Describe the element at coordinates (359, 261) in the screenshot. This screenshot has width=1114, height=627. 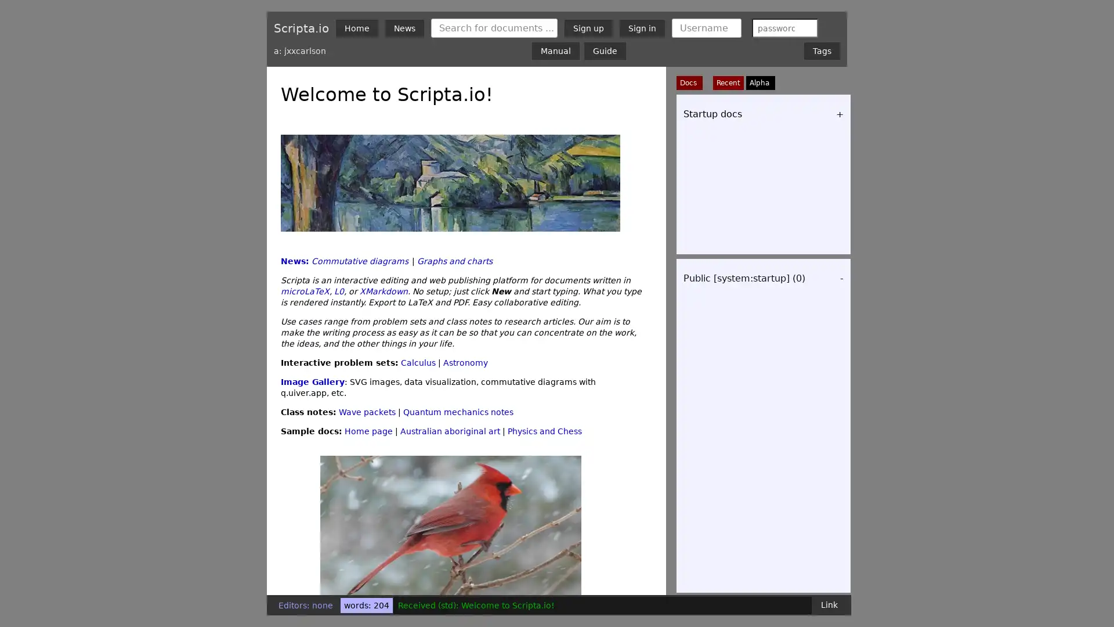
I see `Commutative diagrams` at that location.